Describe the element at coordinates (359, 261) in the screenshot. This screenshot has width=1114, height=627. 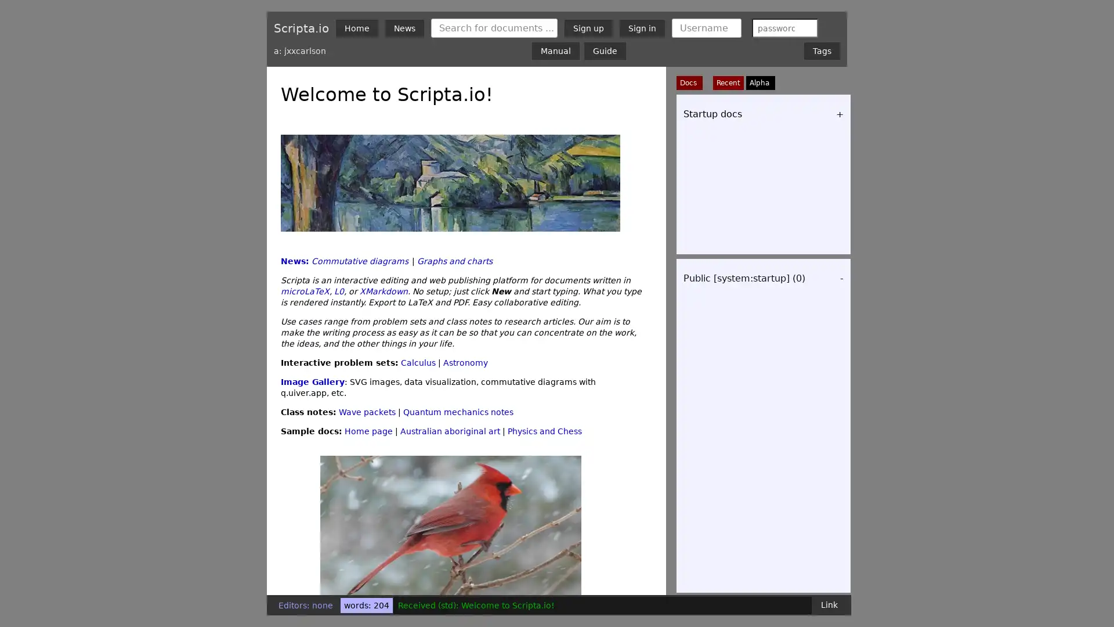
I see `Commutative diagrams` at that location.